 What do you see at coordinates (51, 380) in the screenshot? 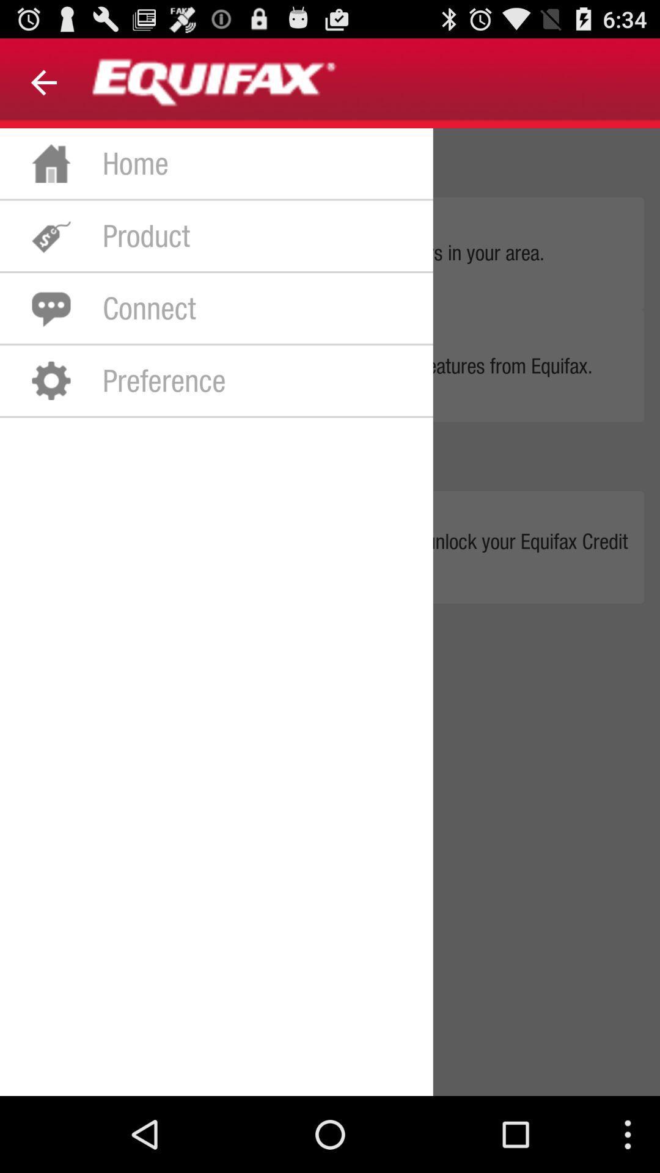
I see `the icon which is to the left of preference` at bounding box center [51, 380].